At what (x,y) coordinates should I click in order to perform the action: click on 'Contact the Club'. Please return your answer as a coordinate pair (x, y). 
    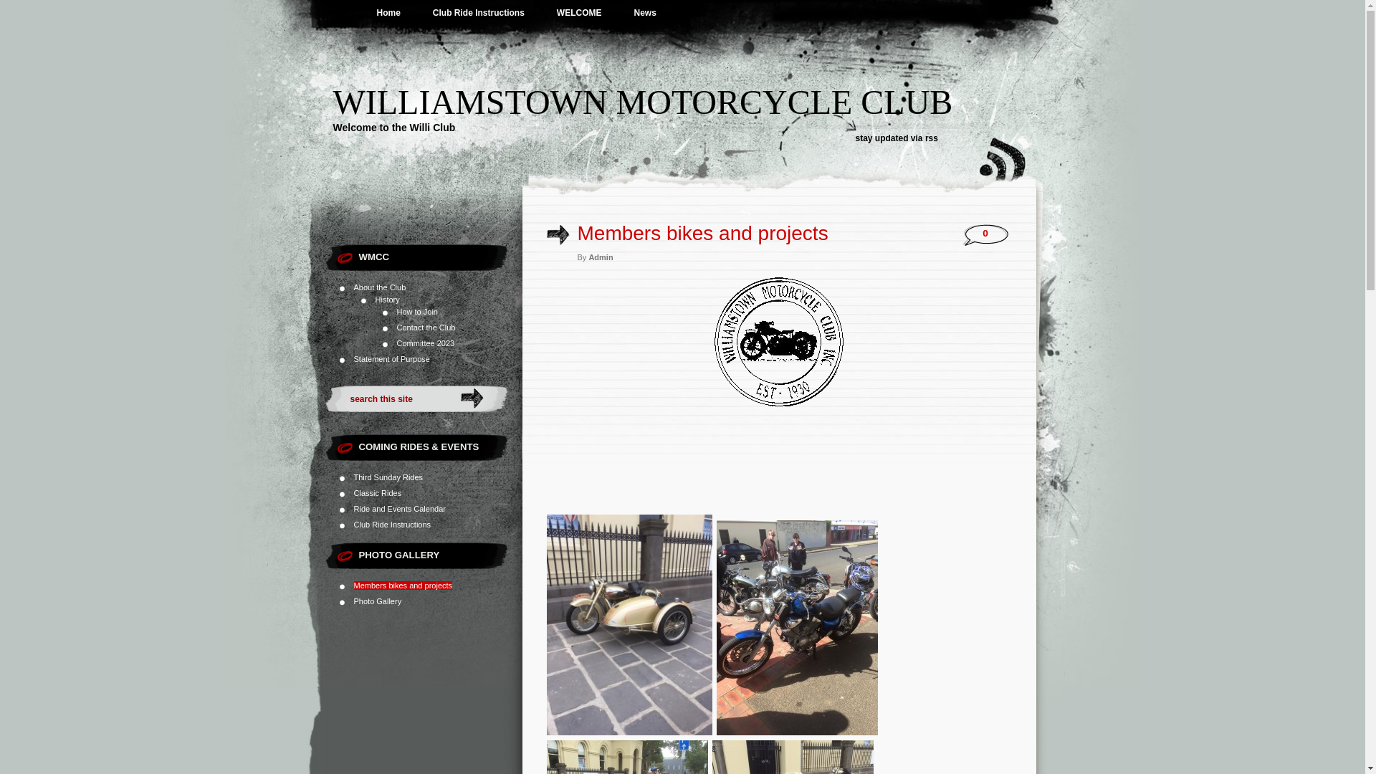
    Looking at the image, I should click on (426, 327).